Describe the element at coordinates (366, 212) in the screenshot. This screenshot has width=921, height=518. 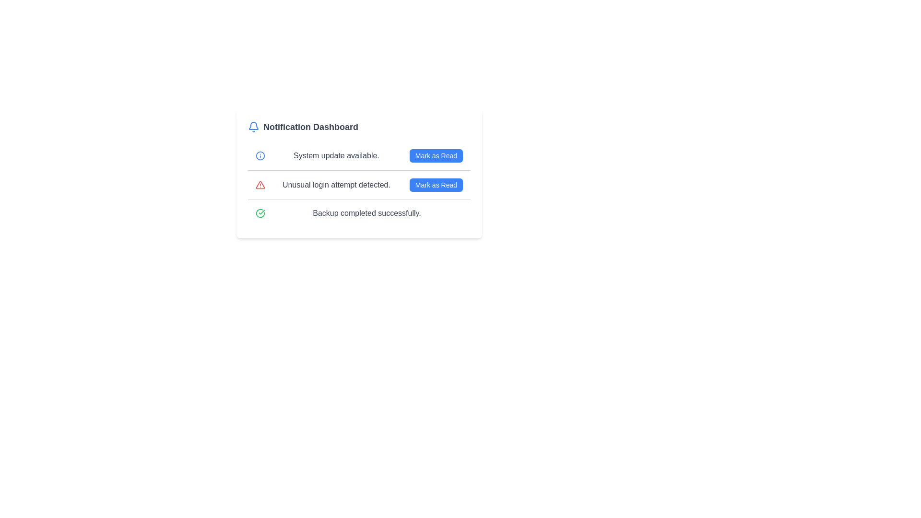
I see `the static text that indicates the successful completion of a backup operation, located centrally in the notification dashboard and positioned next to a green check icon` at that location.